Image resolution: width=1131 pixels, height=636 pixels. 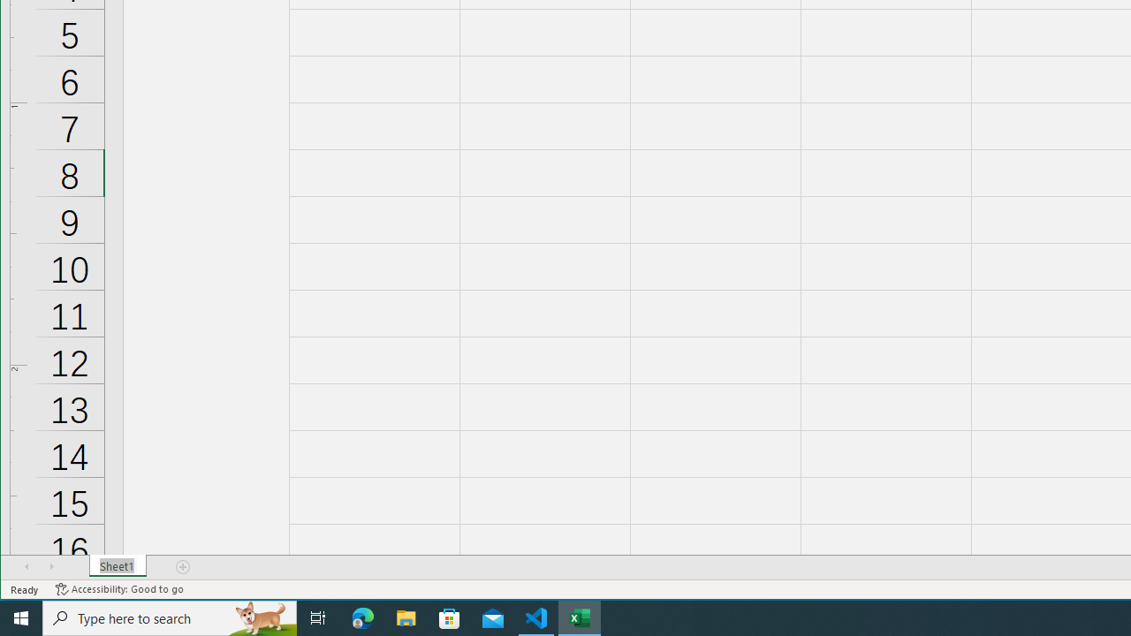 What do you see at coordinates (317, 617) in the screenshot?
I see `'Task View'` at bounding box center [317, 617].